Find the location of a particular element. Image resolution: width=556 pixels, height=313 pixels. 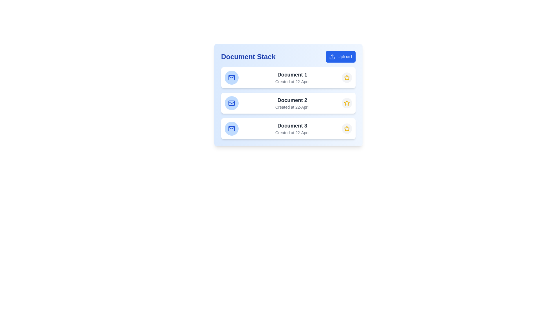

displayed text 'Created at 22-April' from the text label located beneath the title 'Document 3' in the Document Stack section is located at coordinates (292, 133).